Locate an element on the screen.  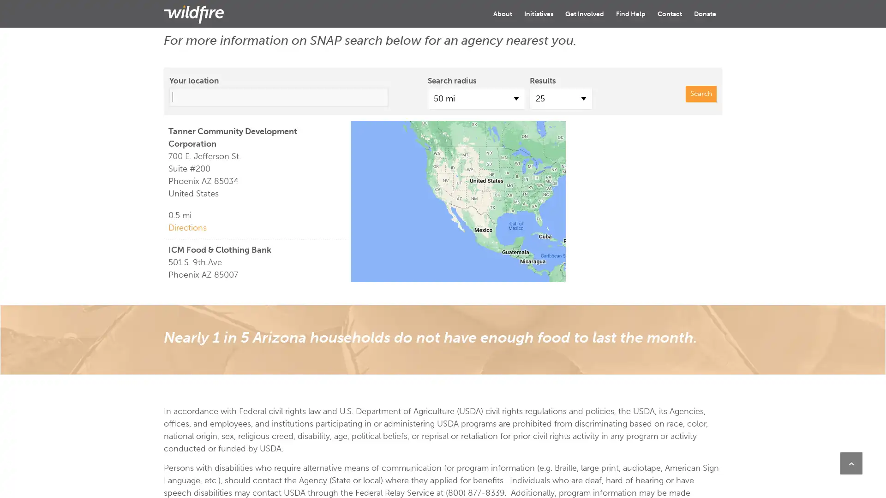
Helping Families In Need (Sisters of Notre Dame De Namur) is located at coordinates (539, 220).